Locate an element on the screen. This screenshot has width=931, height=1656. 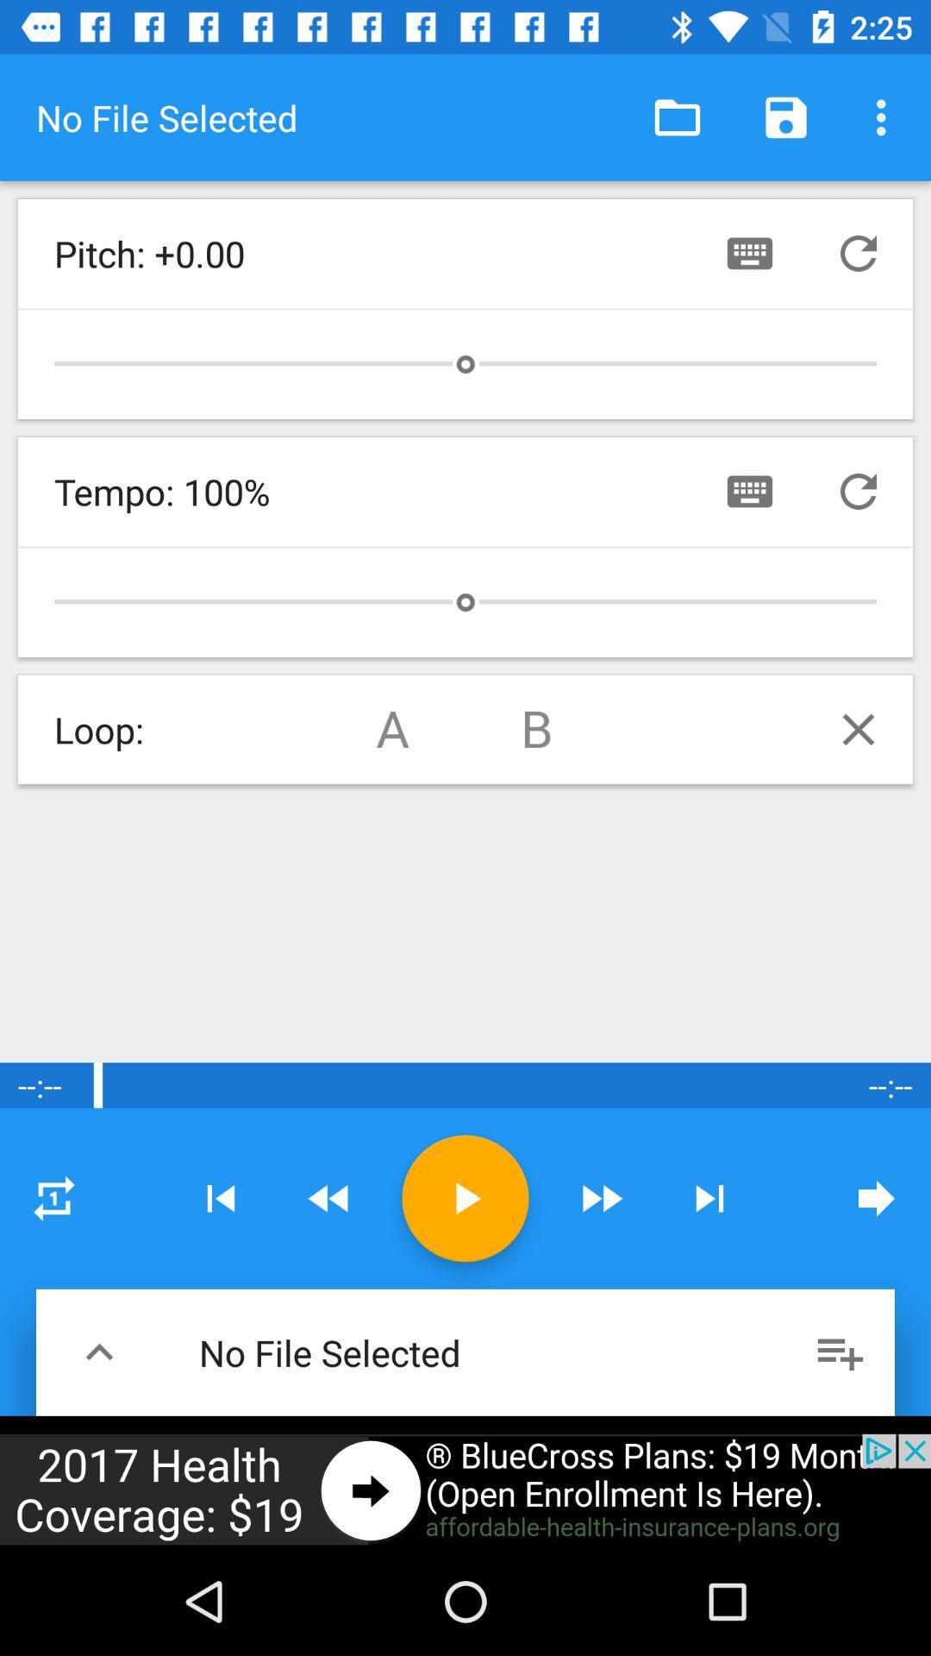
open the keyboard is located at coordinates (749, 252).